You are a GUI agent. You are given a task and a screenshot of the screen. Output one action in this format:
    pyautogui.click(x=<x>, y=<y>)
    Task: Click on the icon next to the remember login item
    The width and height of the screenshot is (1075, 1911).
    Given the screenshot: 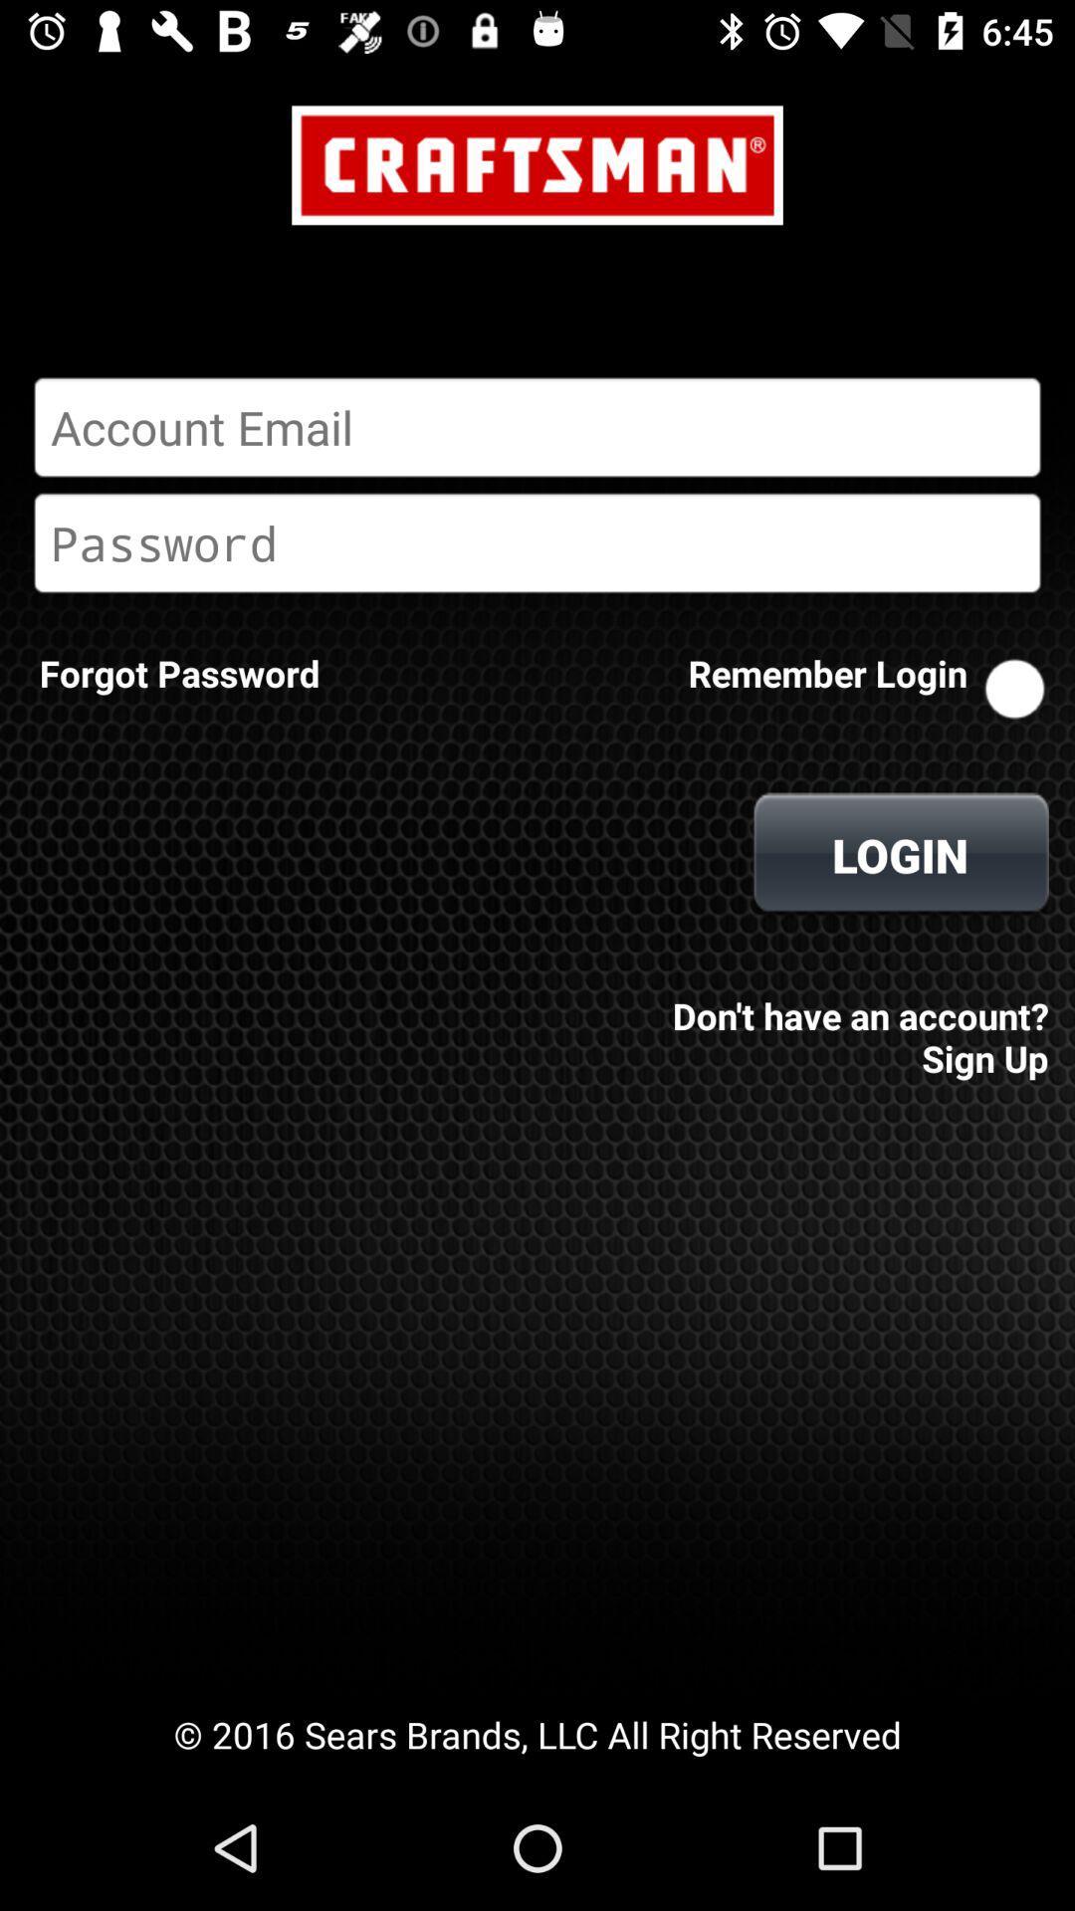 What is the action you would take?
    pyautogui.click(x=179, y=673)
    